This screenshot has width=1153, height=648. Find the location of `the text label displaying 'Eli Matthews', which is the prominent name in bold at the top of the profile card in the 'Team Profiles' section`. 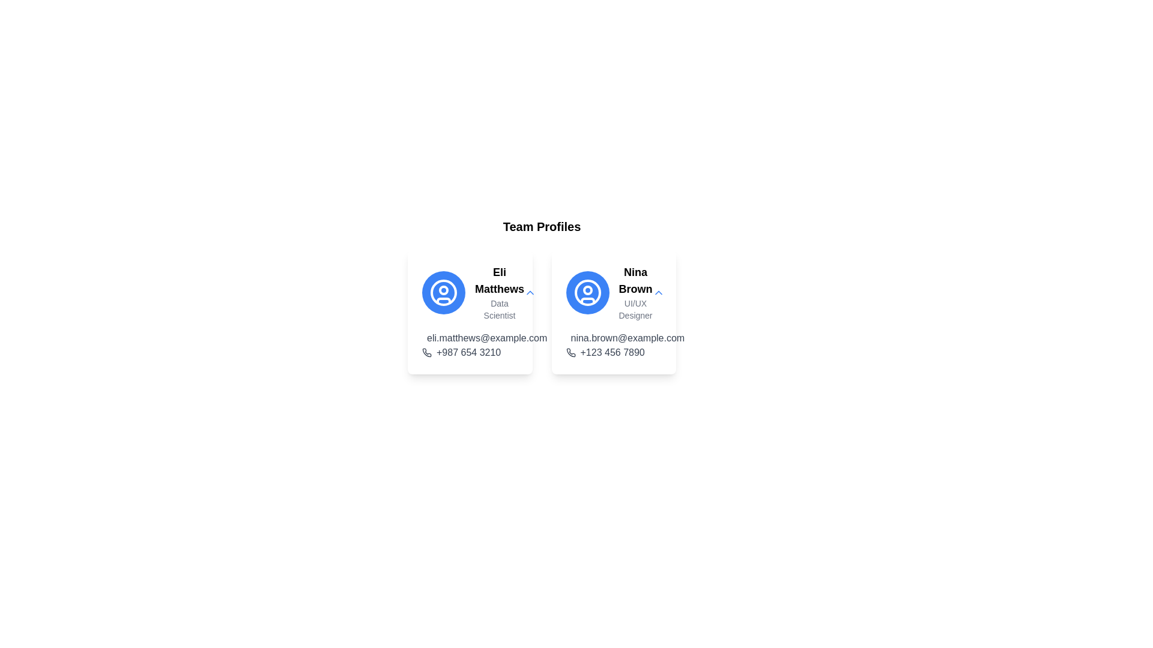

the text label displaying 'Eli Matthews', which is the prominent name in bold at the top of the profile card in the 'Team Profiles' section is located at coordinates (499, 280).